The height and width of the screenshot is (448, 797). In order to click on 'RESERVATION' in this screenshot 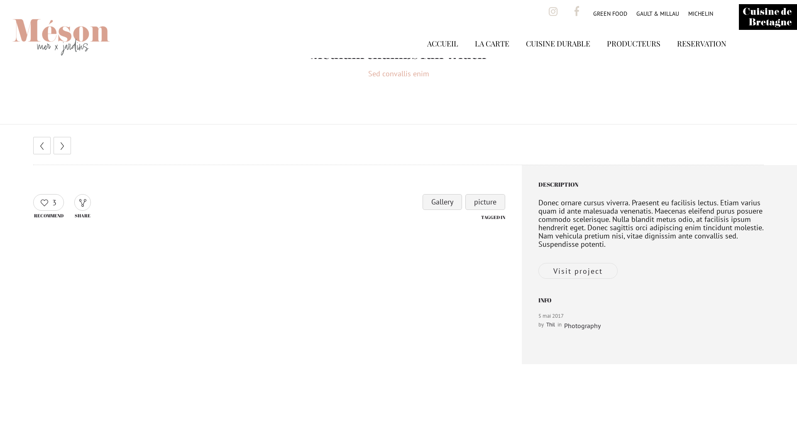, I will do `click(701, 56)`.